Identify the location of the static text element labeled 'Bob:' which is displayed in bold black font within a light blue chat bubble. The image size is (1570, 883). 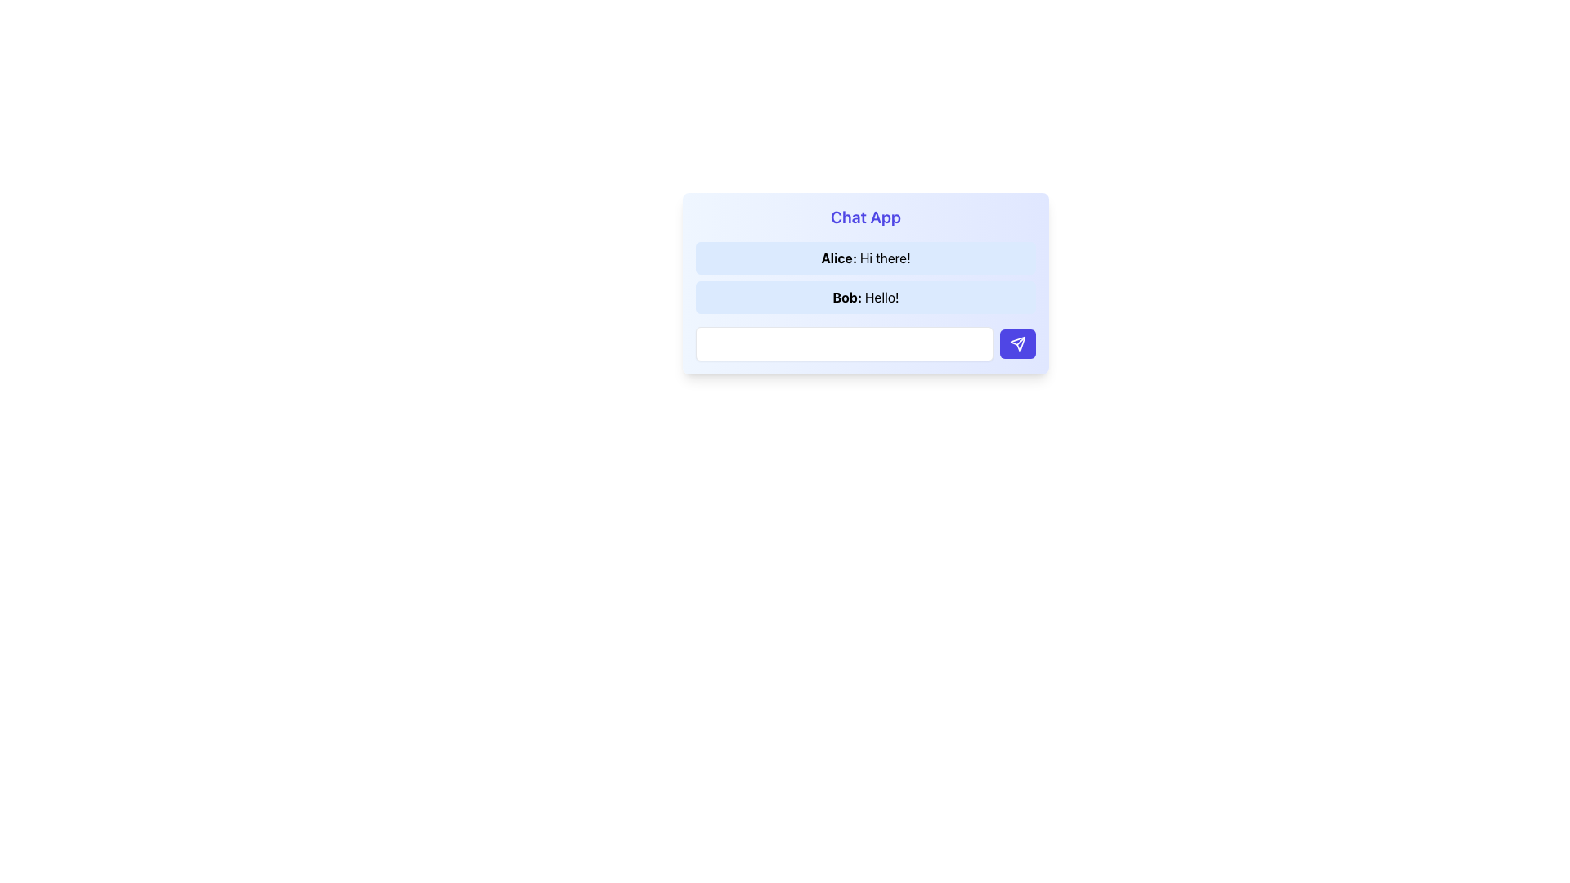
(849, 297).